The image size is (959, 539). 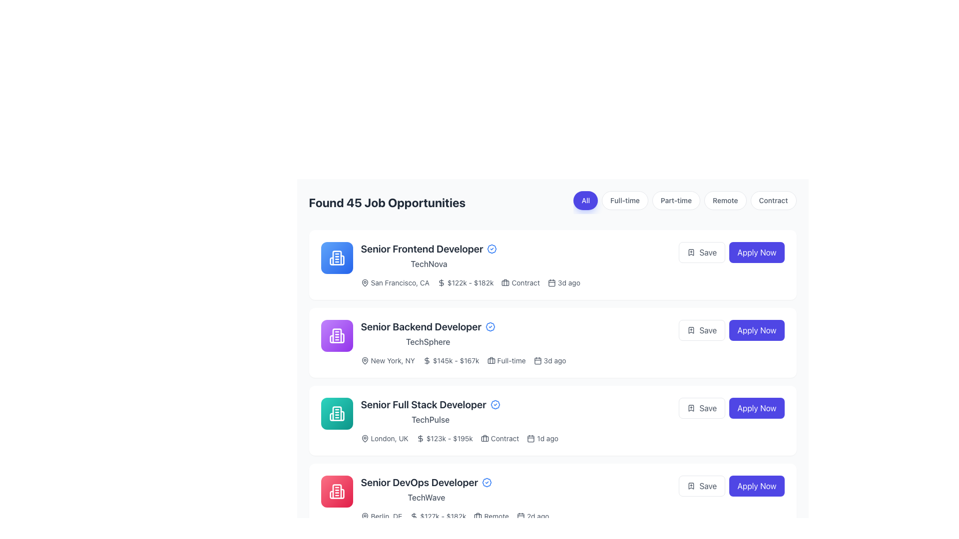 I want to click on the remote opportunity label with icon located between the salary range '$127k - $182k' and the posting age '2d ago' in the job posting for 'Senior DevOps Developer', so click(x=491, y=516).